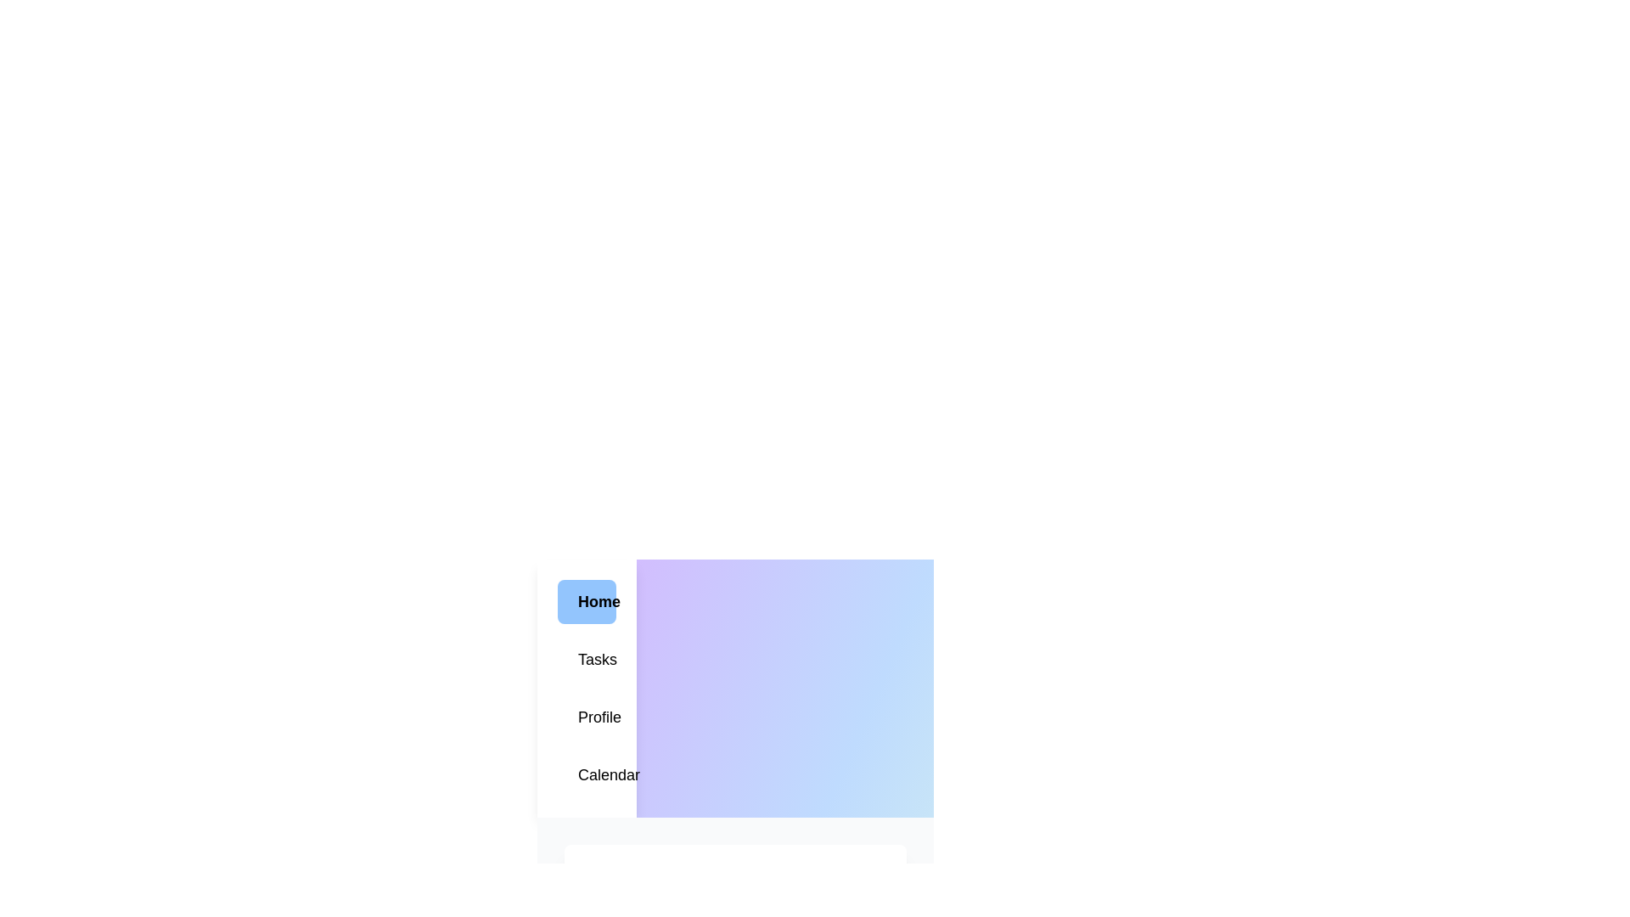 The height and width of the screenshot is (917, 1630). Describe the element at coordinates (587, 775) in the screenshot. I see `the menu item Calendar to observe its hover effect` at that location.